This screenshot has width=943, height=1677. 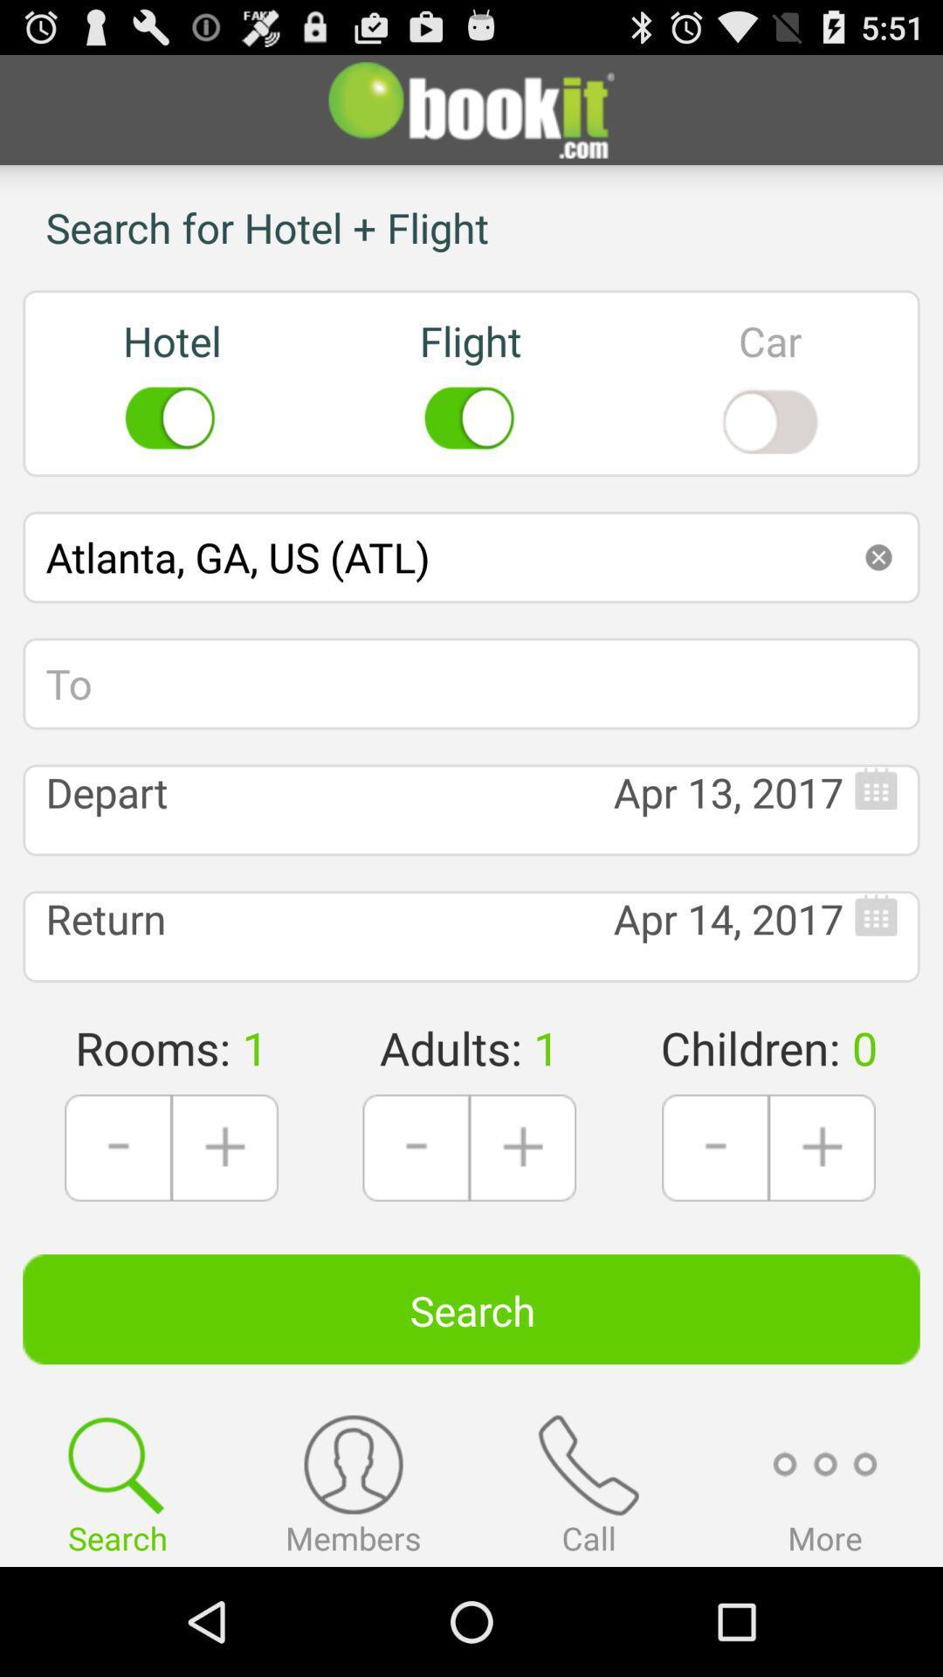 I want to click on the icon below the atlanta ga us icon, so click(x=471, y=682).